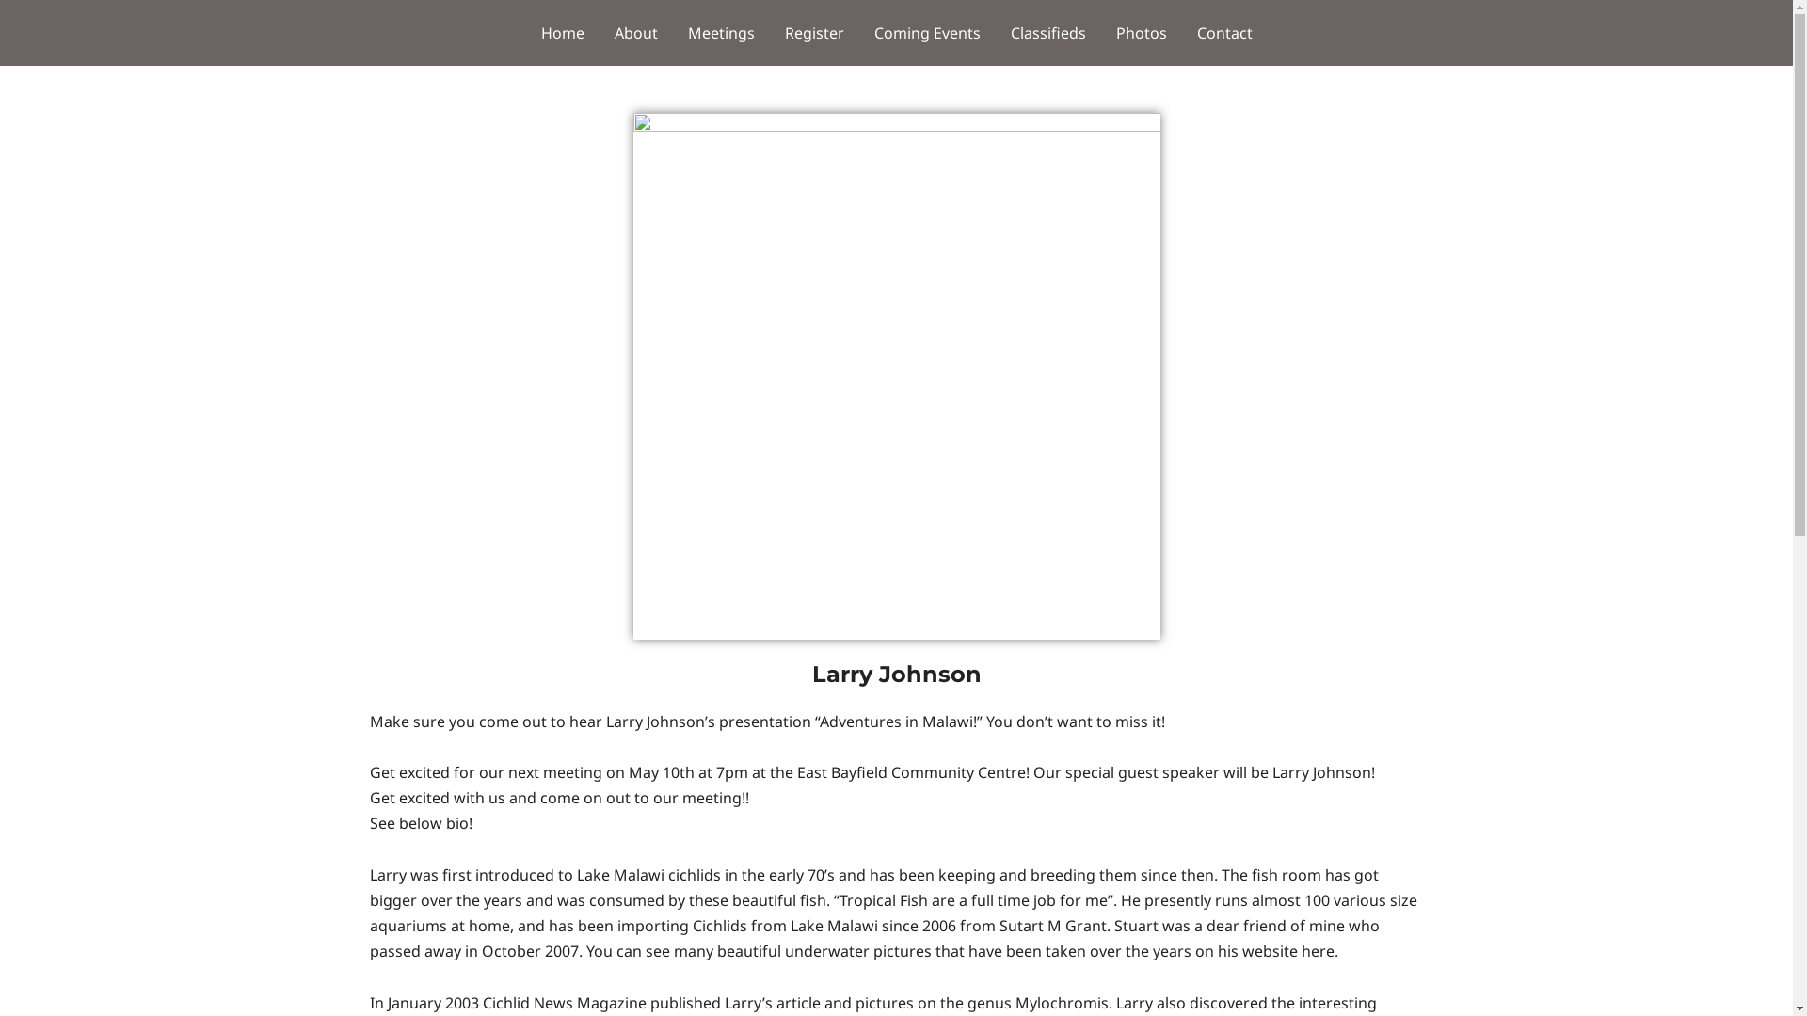  What do you see at coordinates (1224, 32) in the screenshot?
I see `'Contact'` at bounding box center [1224, 32].